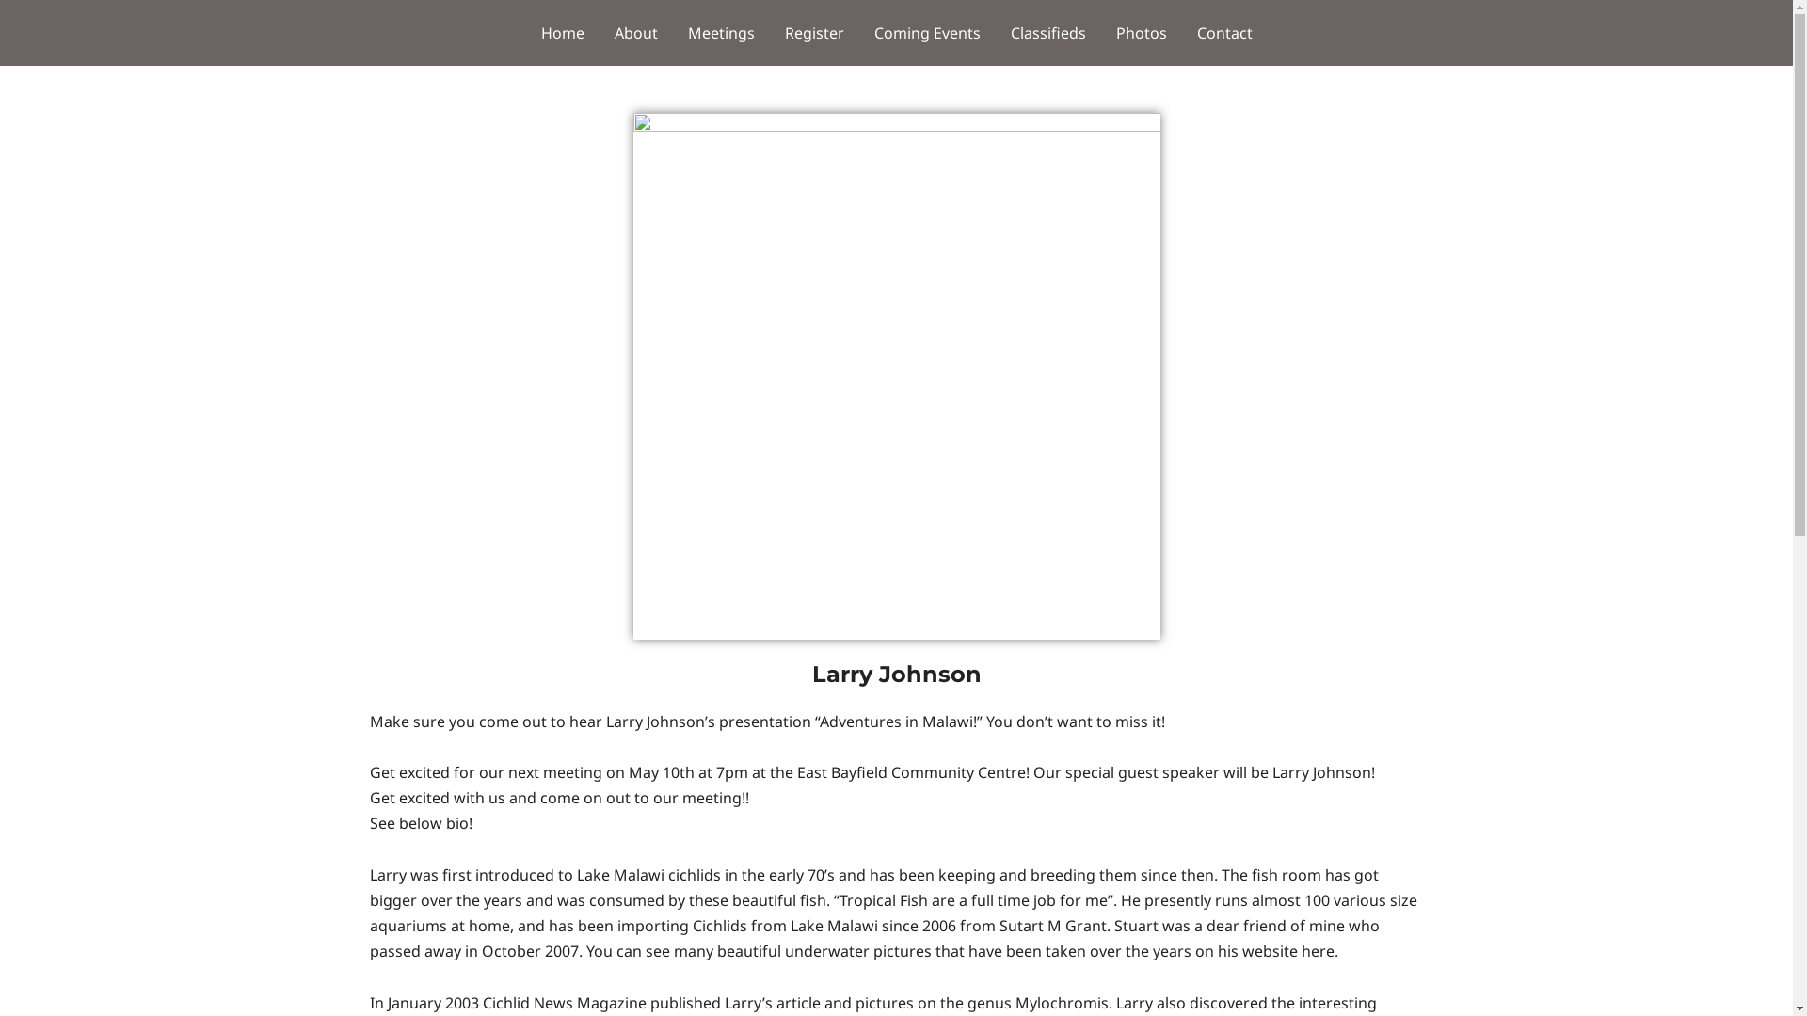  What do you see at coordinates (1224, 32) in the screenshot?
I see `'Contact'` at bounding box center [1224, 32].